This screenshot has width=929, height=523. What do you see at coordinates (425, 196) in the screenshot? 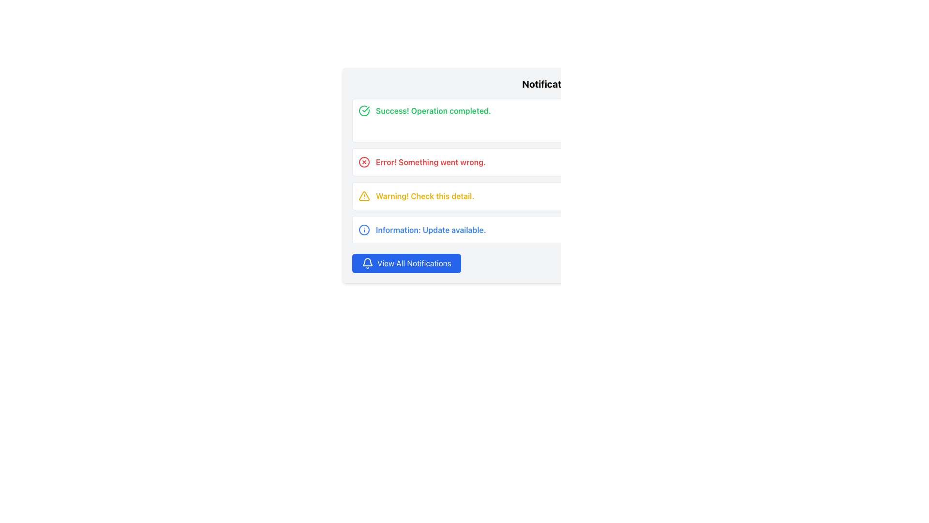
I see `the warning message located in the third notification row, positioned to the right of the warning icon and to the left of the 'Review' button` at bounding box center [425, 196].